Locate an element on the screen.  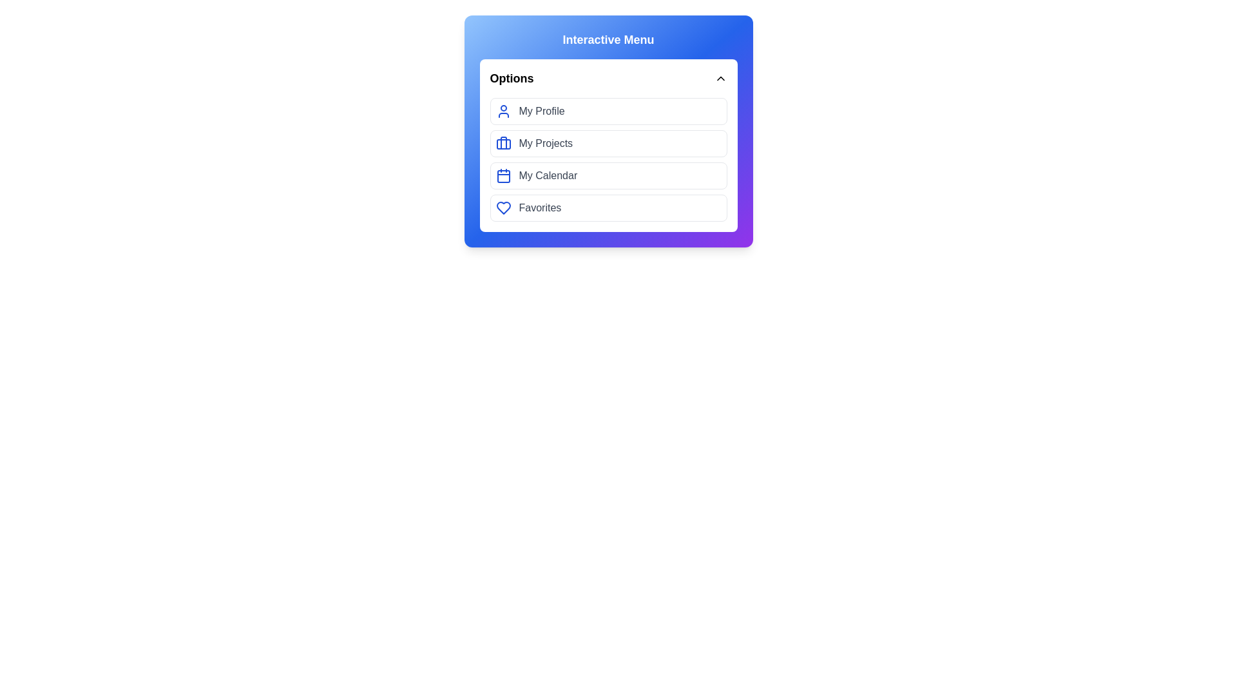
the 'My Calendar' button is located at coordinates (608, 176).